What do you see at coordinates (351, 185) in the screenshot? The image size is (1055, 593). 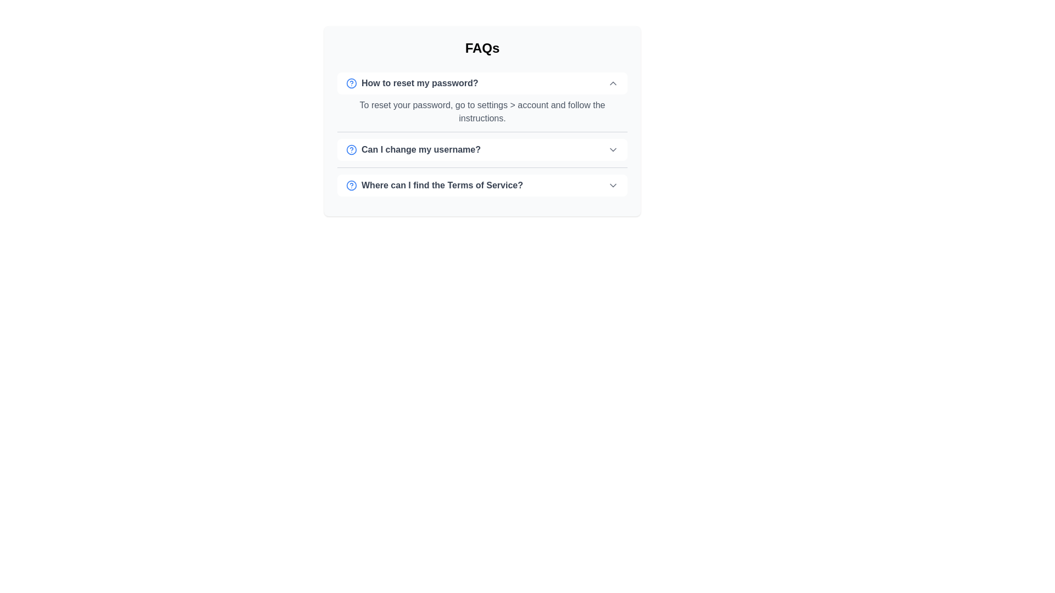 I see `the blue circular help icon with a question mark, located to the left of the text 'Where can I find the Terms of Service?' in the third FAQ item` at bounding box center [351, 185].